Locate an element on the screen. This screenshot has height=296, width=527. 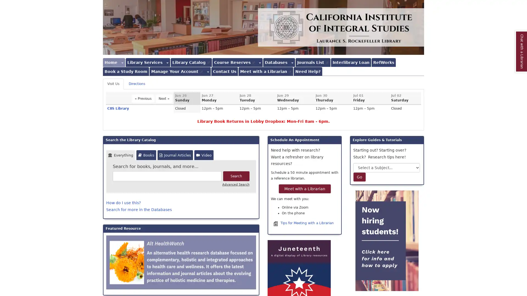
Search is located at coordinates (236, 176).